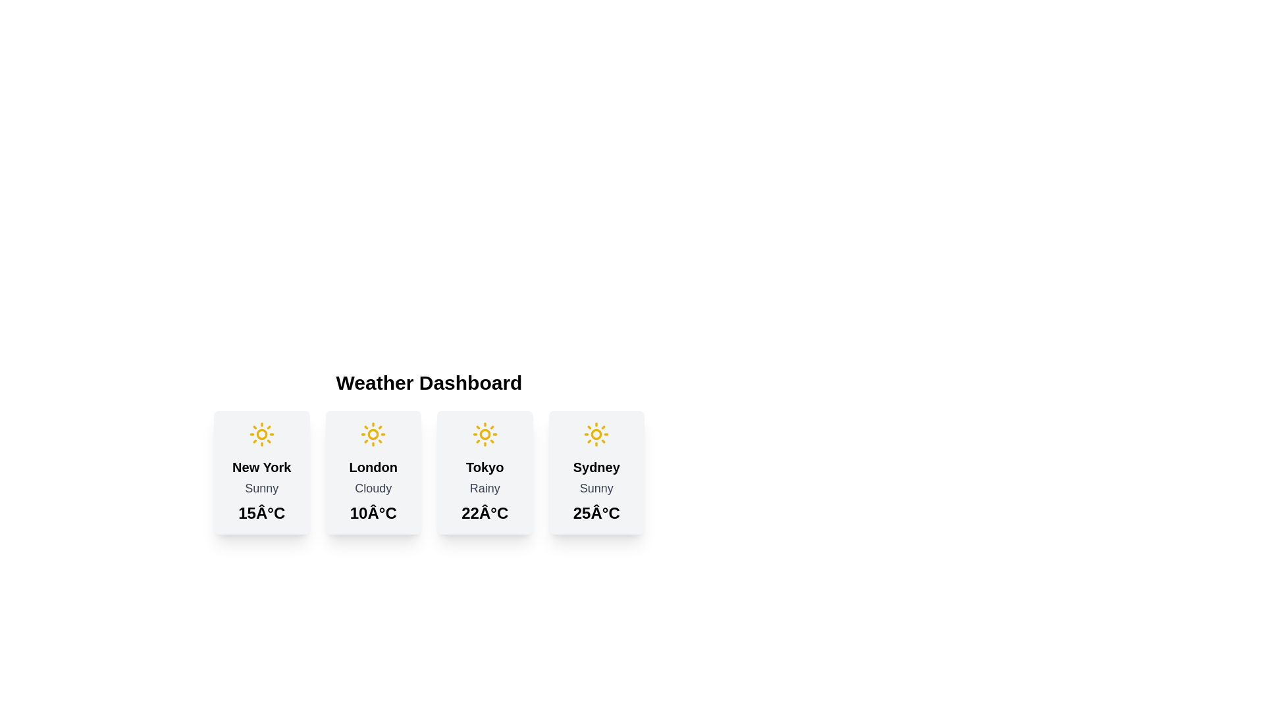  Describe the element at coordinates (373, 466) in the screenshot. I see `the Text Label displaying the location name on the weather information card` at that location.